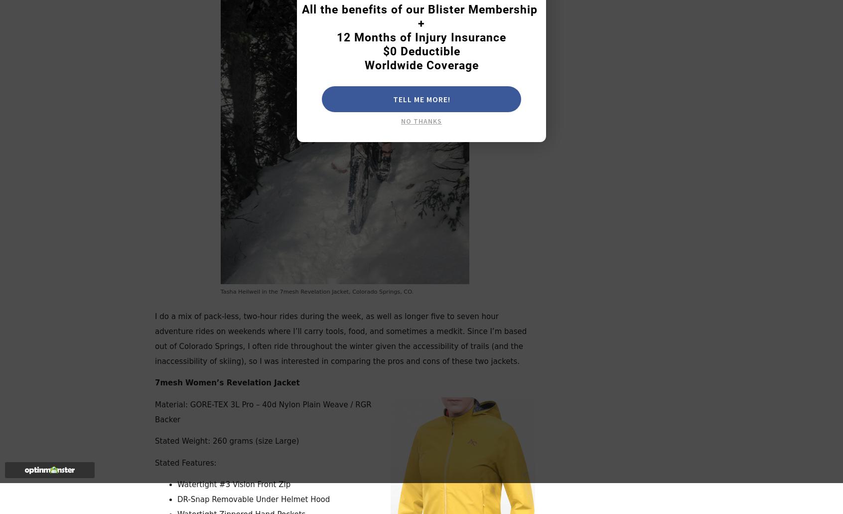 The width and height of the screenshot is (843, 514). What do you see at coordinates (421, 65) in the screenshot?
I see `'Worldwide Coverage'` at bounding box center [421, 65].